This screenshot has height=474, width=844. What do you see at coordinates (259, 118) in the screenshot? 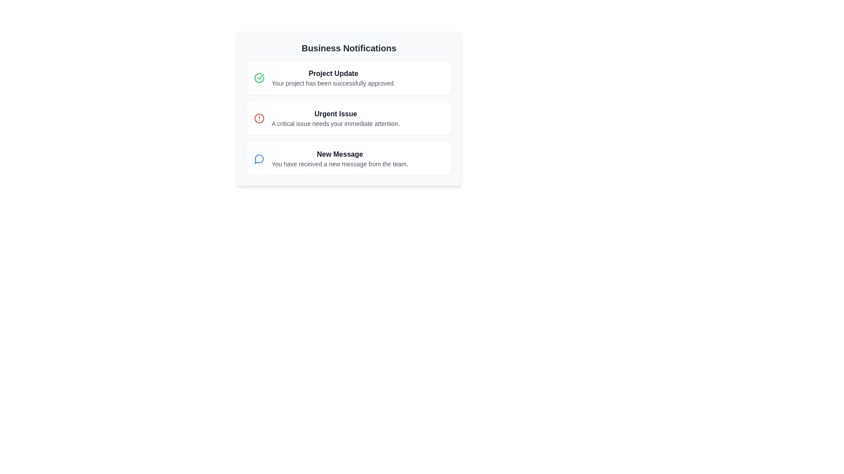
I see `the alert icon within the 'Urgent Issue' notification card, which serves as a visual indicator for an alert or warning` at bounding box center [259, 118].